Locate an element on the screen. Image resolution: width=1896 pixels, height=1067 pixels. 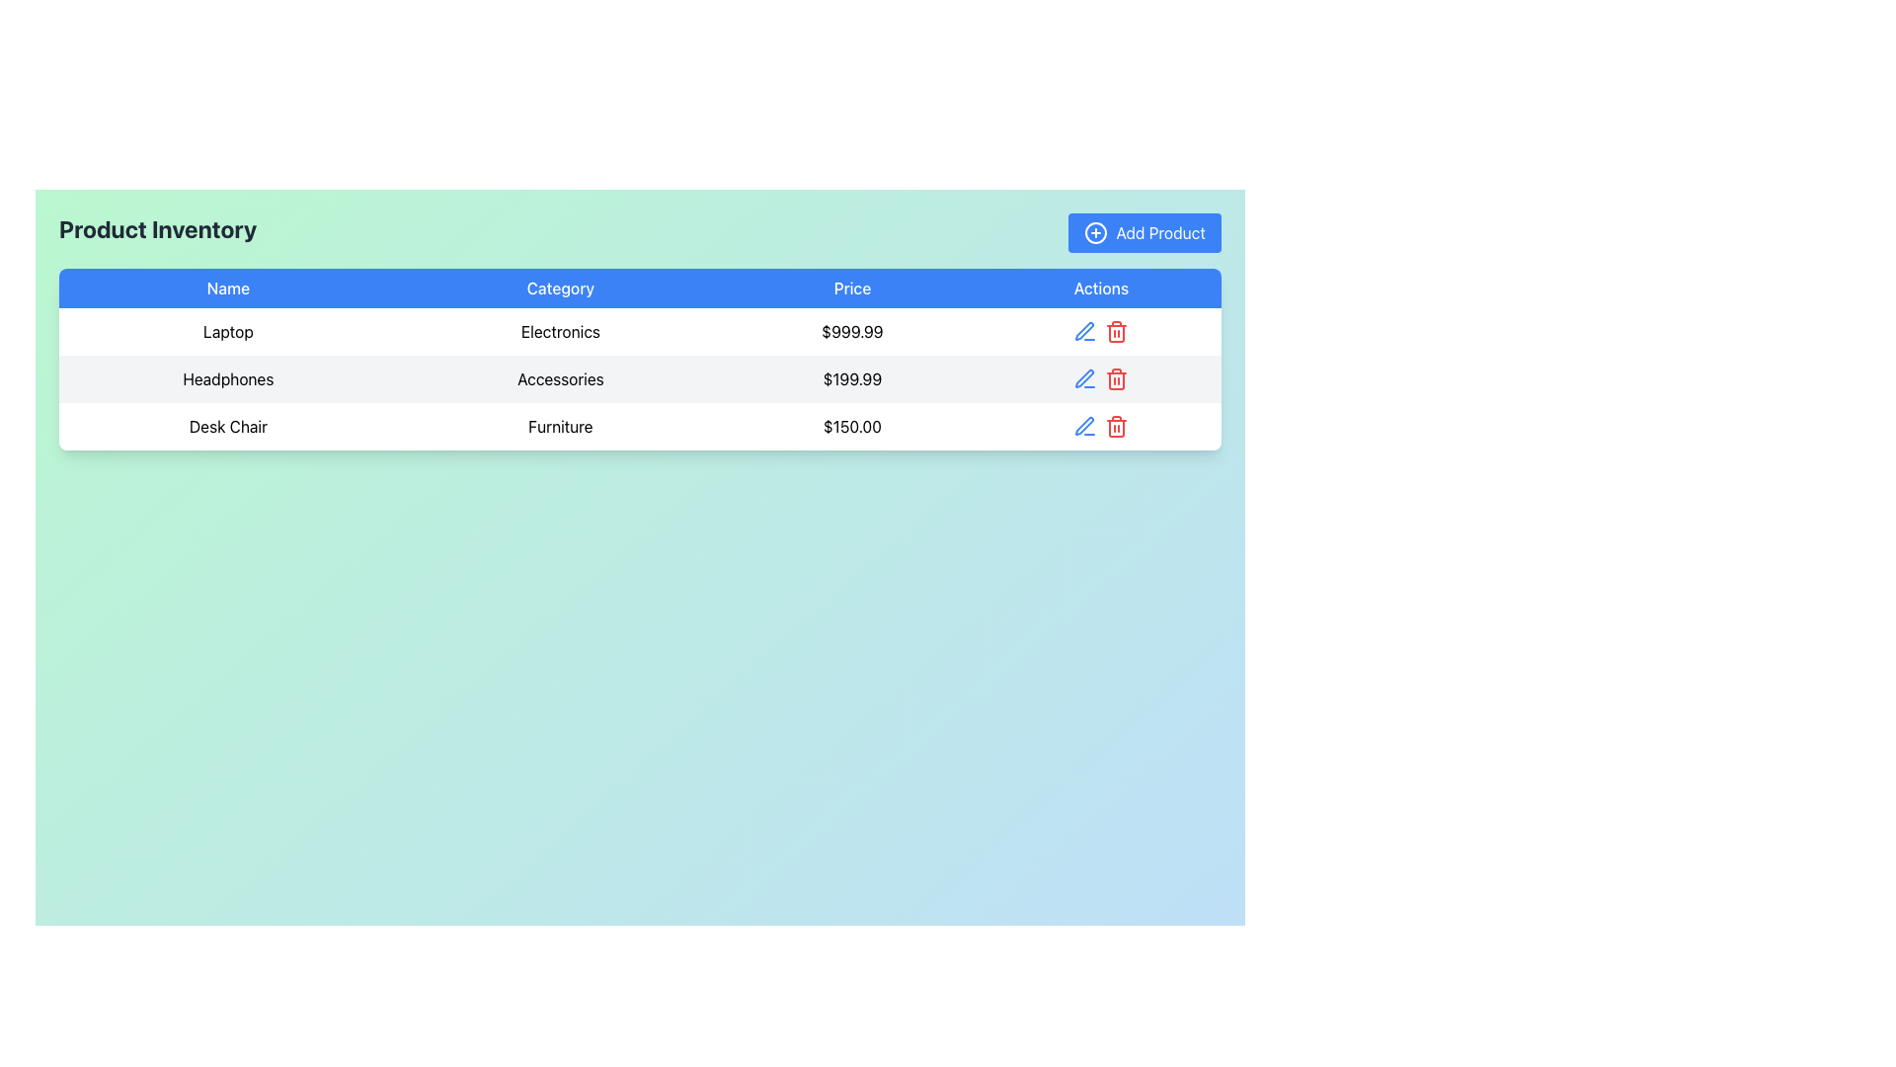
the fourth header in the table, which is located in the upper-right corner and likely indicates actions such as editing or deleting rows is located at coordinates (1100, 288).